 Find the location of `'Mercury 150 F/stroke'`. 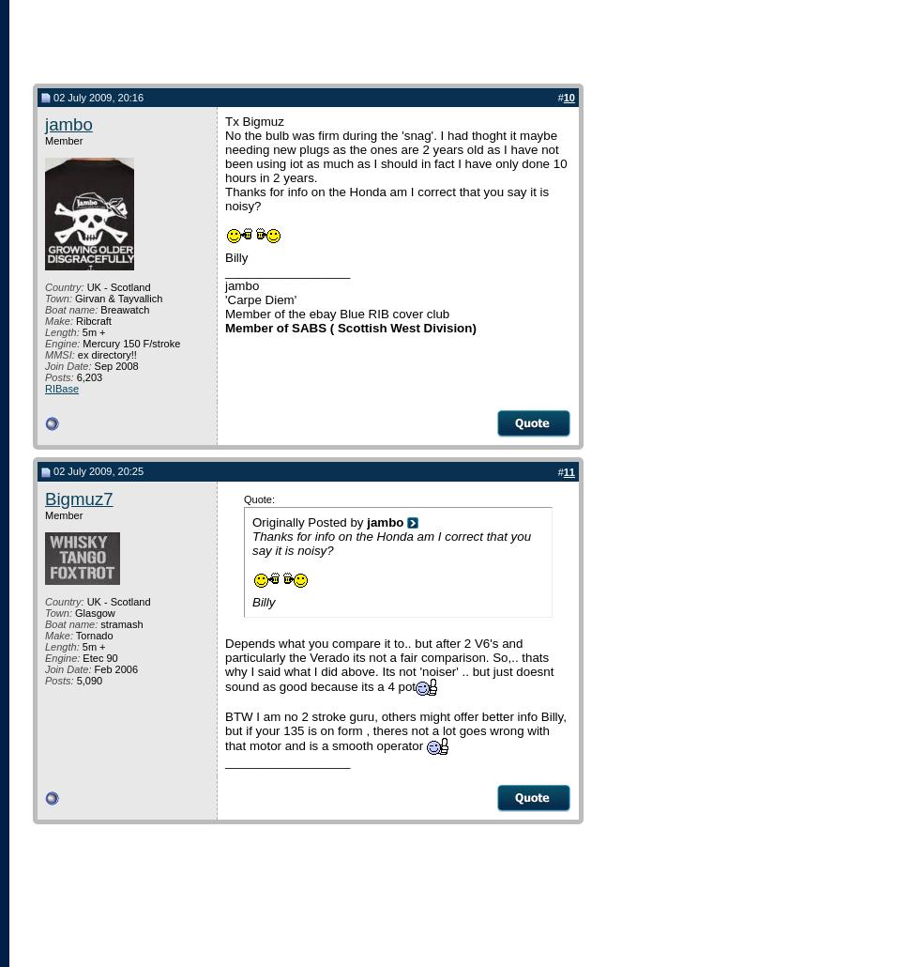

'Mercury 150 F/stroke' is located at coordinates (129, 343).